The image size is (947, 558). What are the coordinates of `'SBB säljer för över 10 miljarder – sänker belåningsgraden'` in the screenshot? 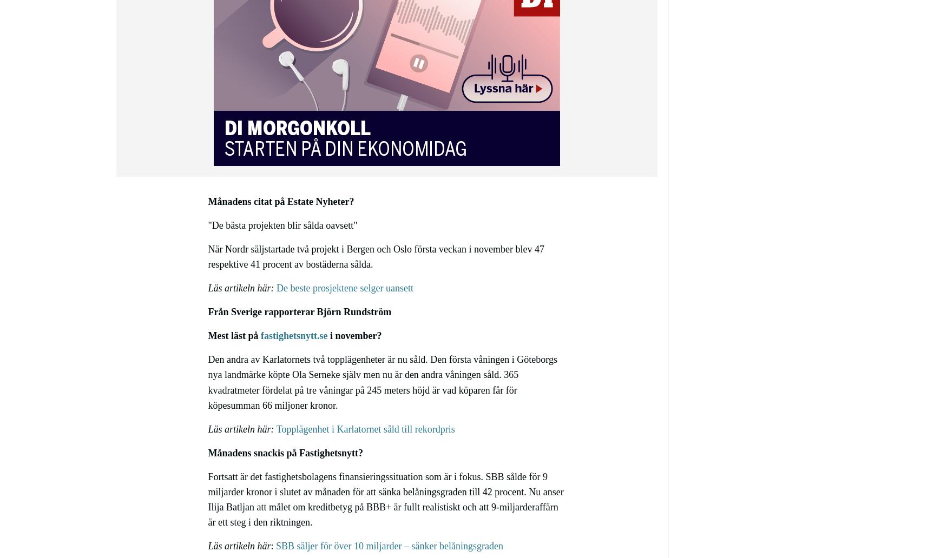 It's located at (275, 546).